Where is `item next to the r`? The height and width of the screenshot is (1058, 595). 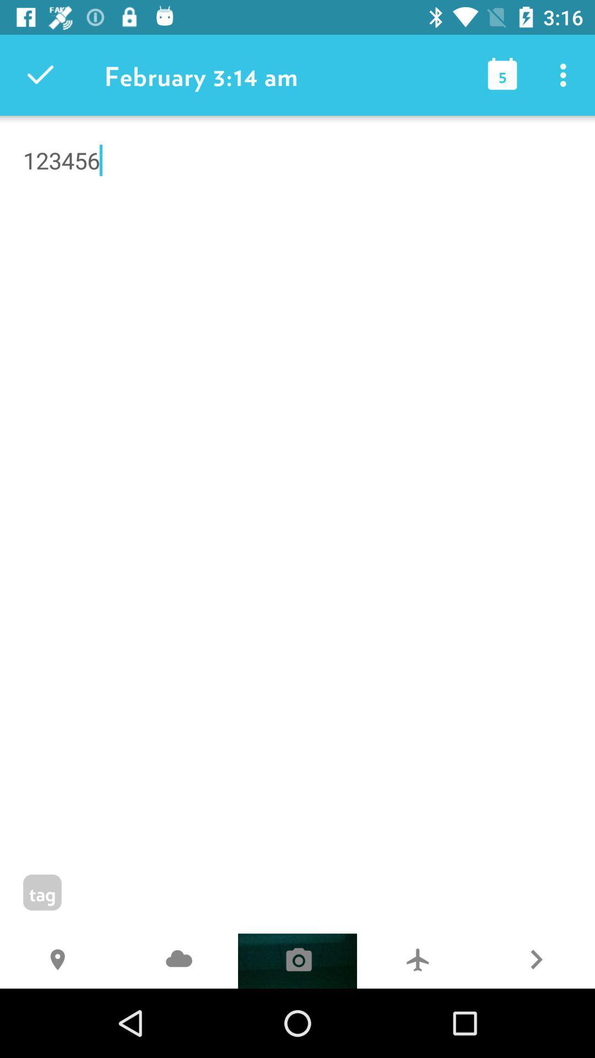
item next to the r is located at coordinates (416, 960).